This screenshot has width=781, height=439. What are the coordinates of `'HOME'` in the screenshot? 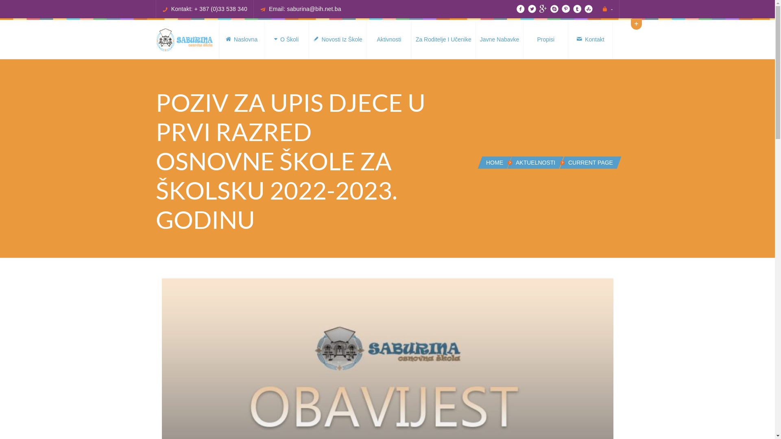 It's located at (494, 163).